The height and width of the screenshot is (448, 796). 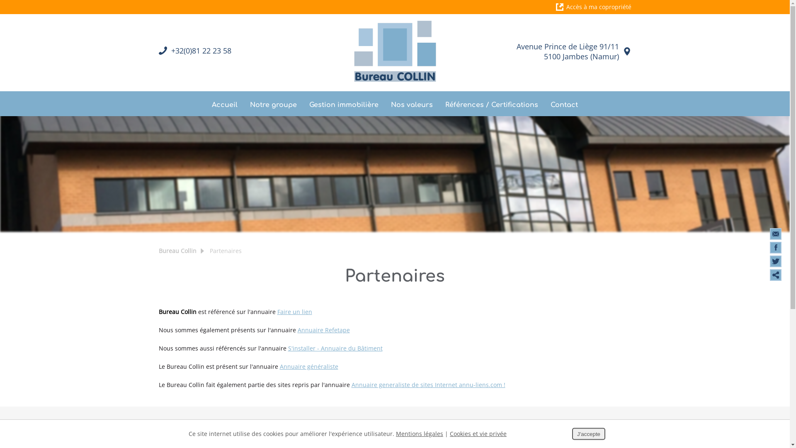 I want to click on 'Nos valeurs', so click(x=412, y=103).